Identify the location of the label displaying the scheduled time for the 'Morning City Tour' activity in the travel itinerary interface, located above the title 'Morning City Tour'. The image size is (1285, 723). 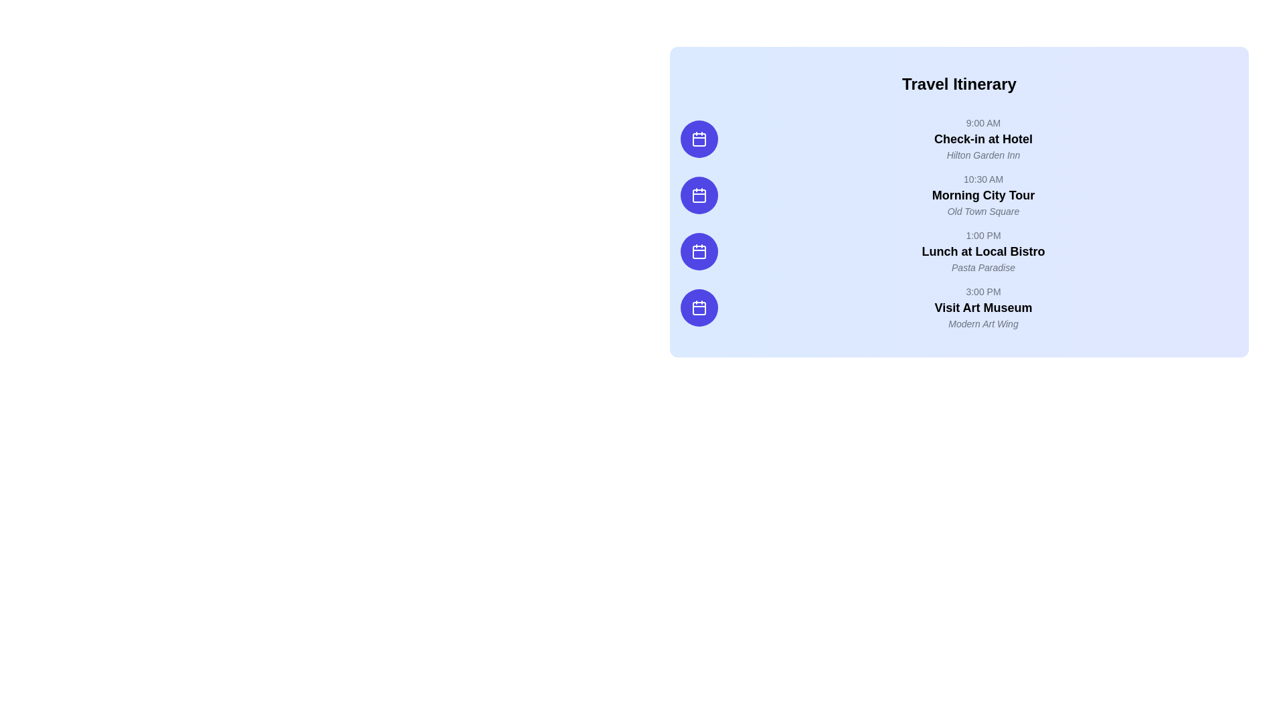
(983, 178).